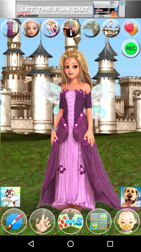 This screenshot has height=252, width=141. Describe the element at coordinates (110, 28) in the screenshot. I see `the app option` at that location.